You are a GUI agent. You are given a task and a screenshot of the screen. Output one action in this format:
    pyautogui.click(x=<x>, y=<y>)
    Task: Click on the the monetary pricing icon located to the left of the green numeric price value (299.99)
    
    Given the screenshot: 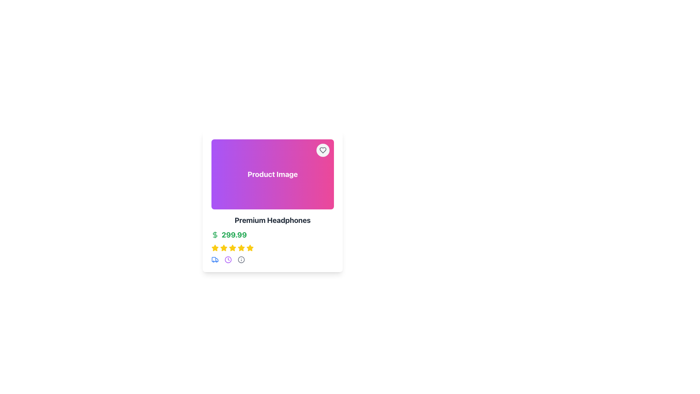 What is the action you would take?
    pyautogui.click(x=215, y=235)
    